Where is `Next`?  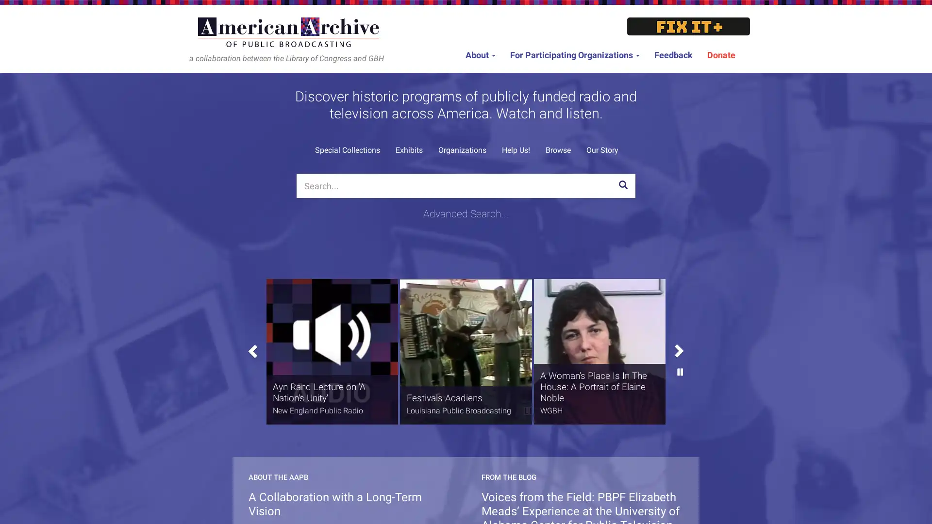
Next is located at coordinates (680, 311).